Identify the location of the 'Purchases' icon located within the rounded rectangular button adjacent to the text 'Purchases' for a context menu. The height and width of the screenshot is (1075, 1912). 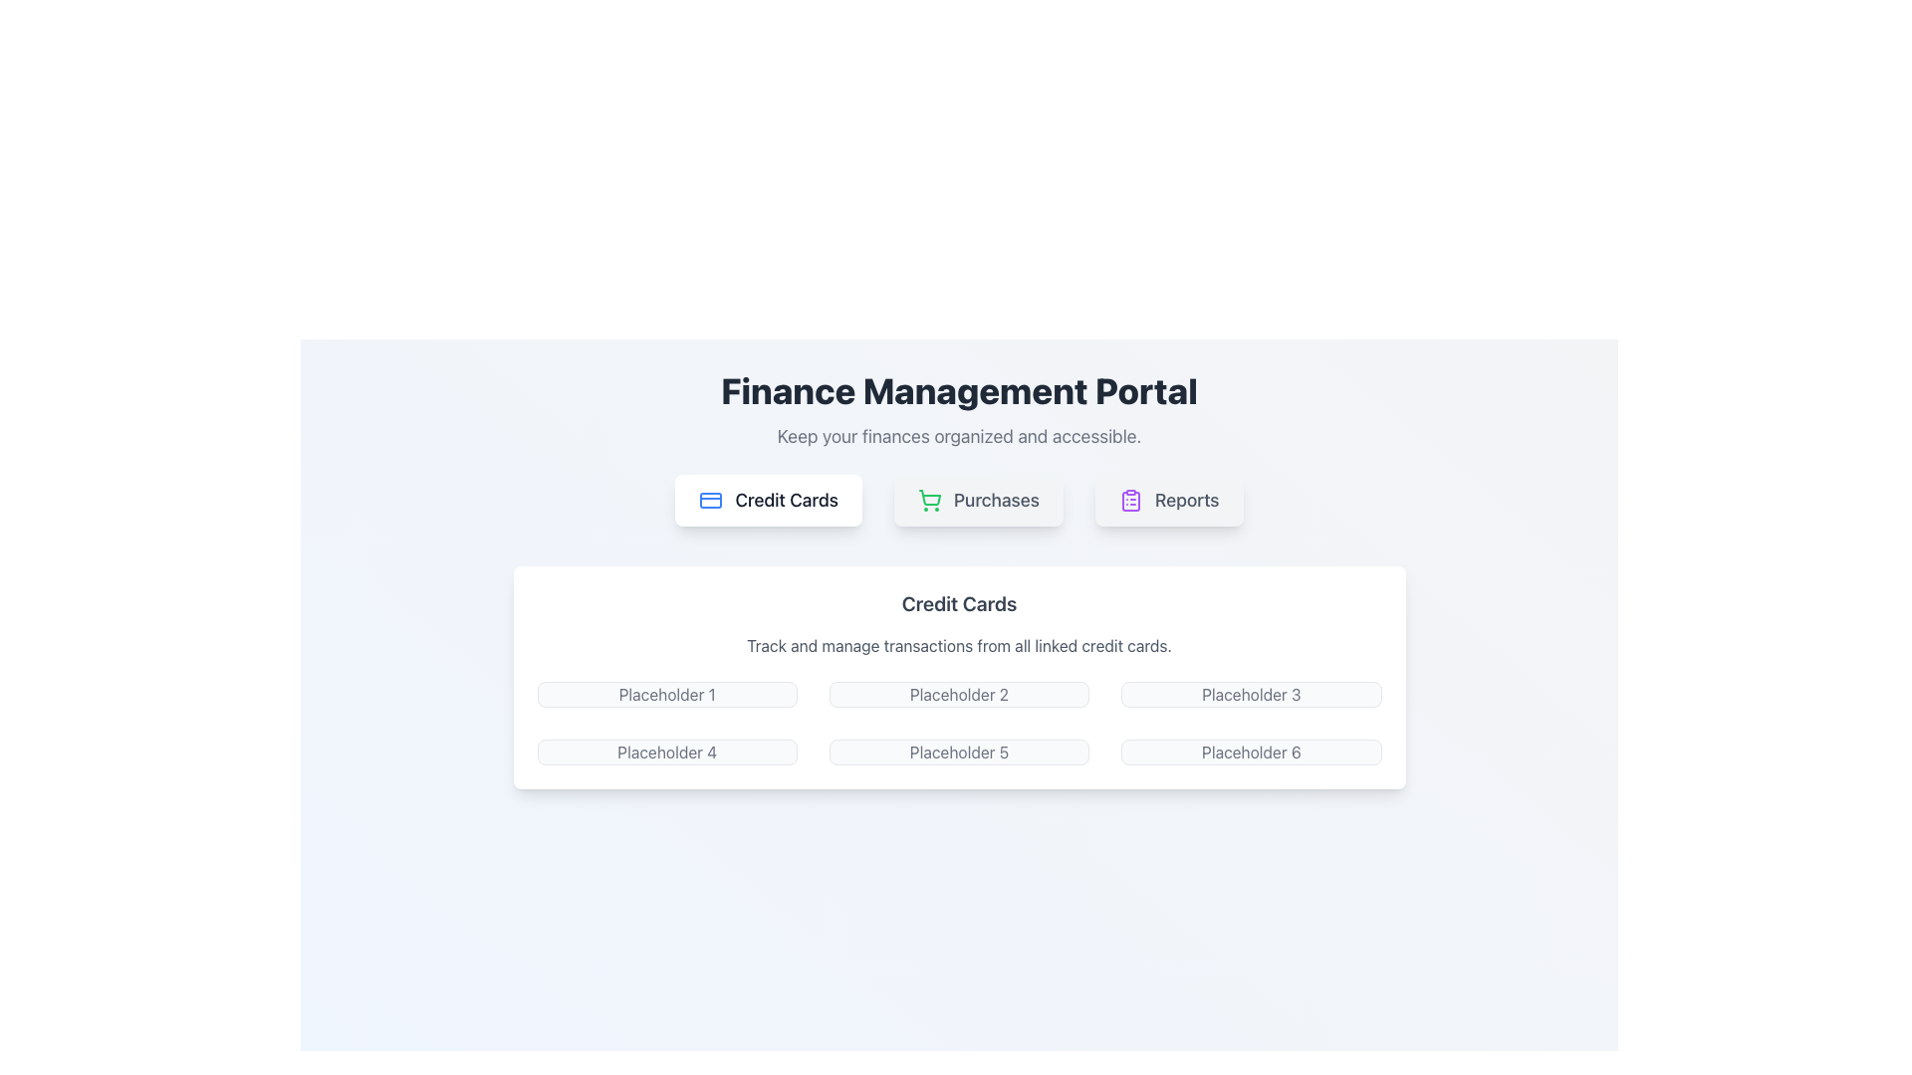
(928, 499).